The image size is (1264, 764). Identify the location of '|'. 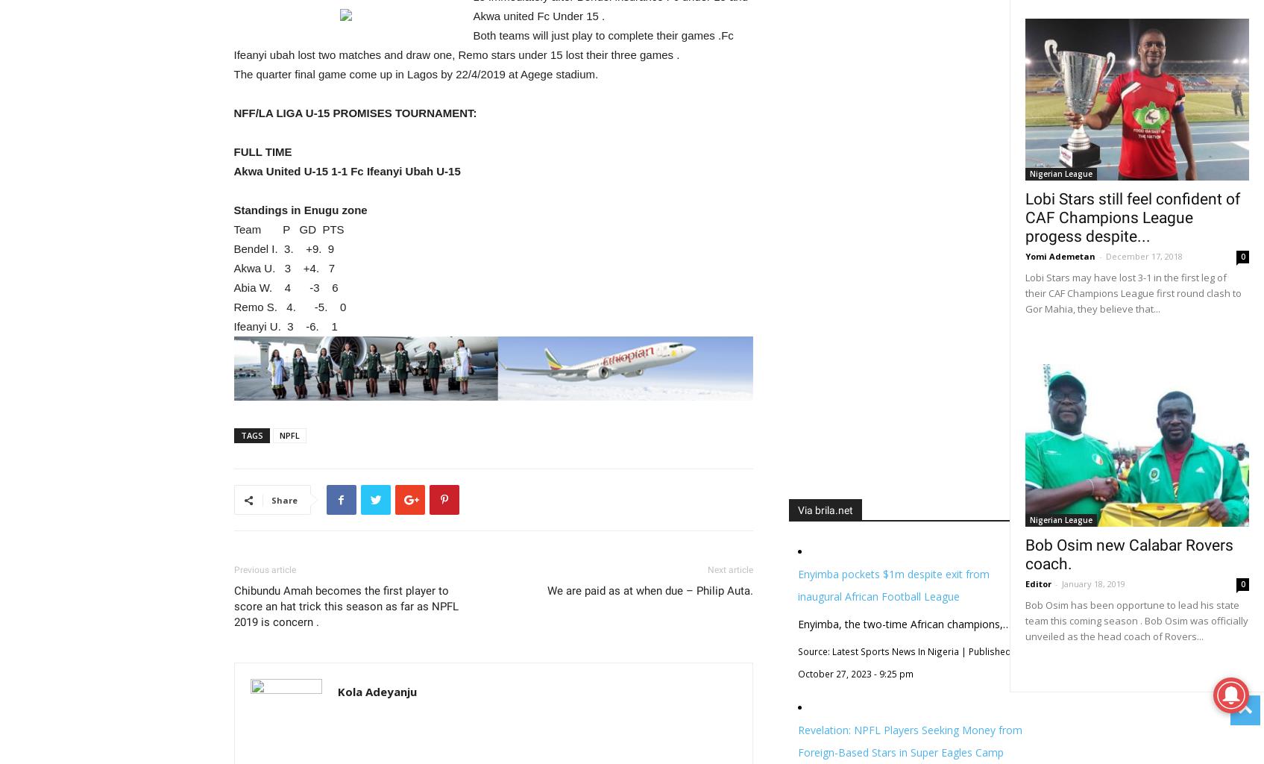
(962, 651).